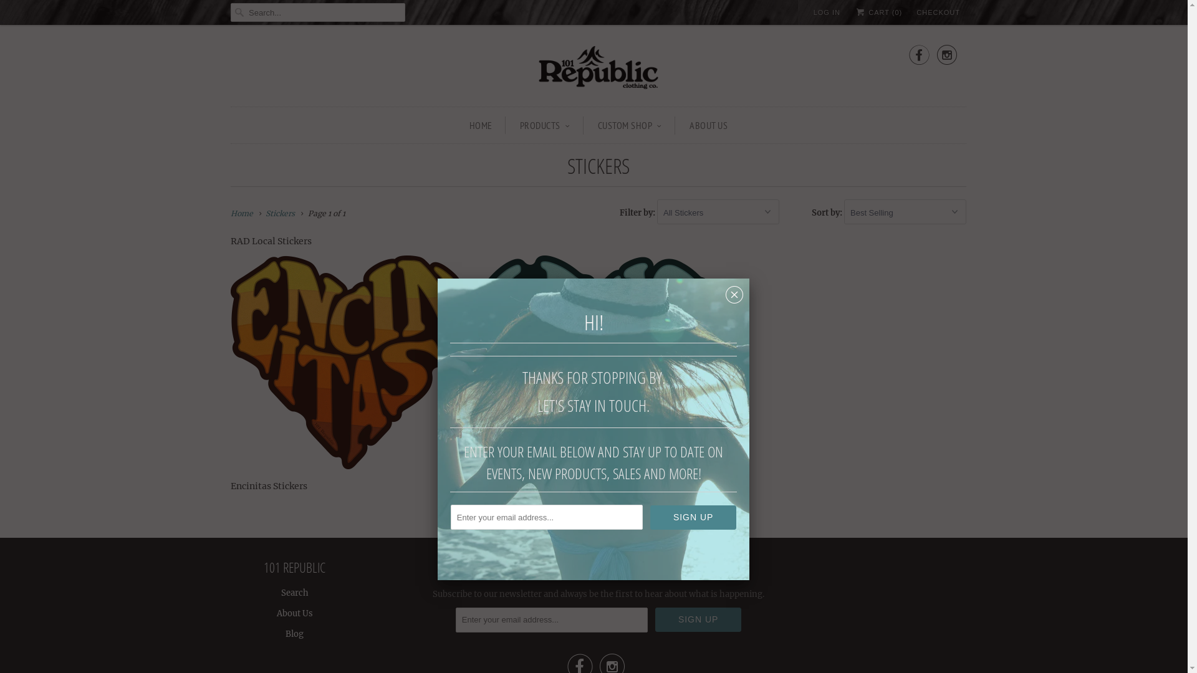 The height and width of the screenshot is (673, 1197). I want to click on 'About Us', so click(294, 613).